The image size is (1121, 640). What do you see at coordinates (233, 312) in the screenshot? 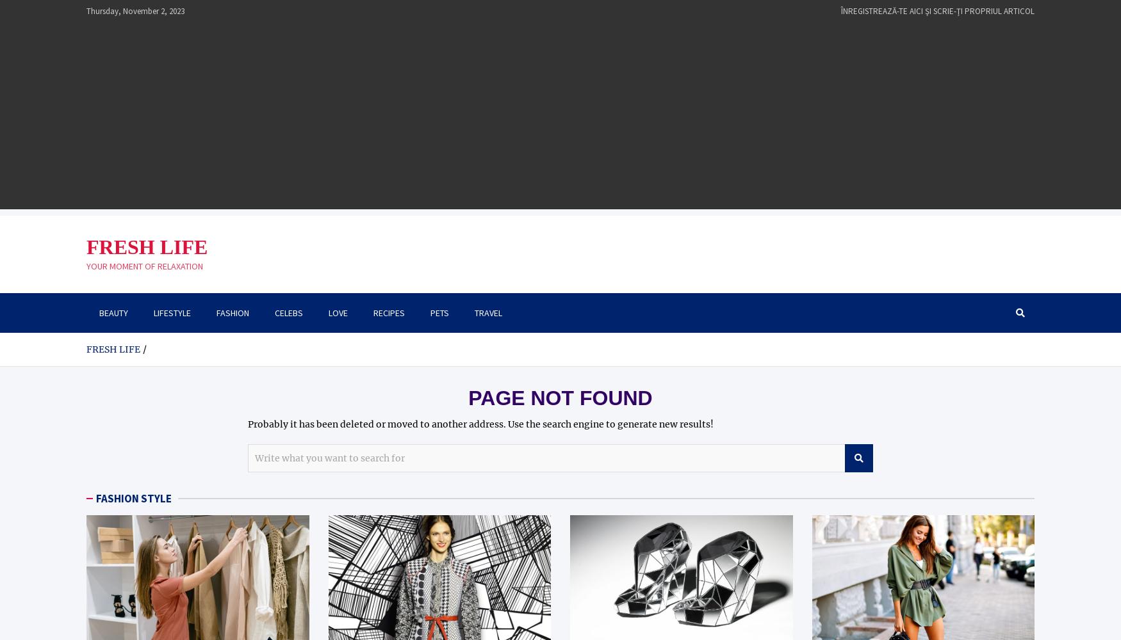
I see `'FASHION'` at bounding box center [233, 312].